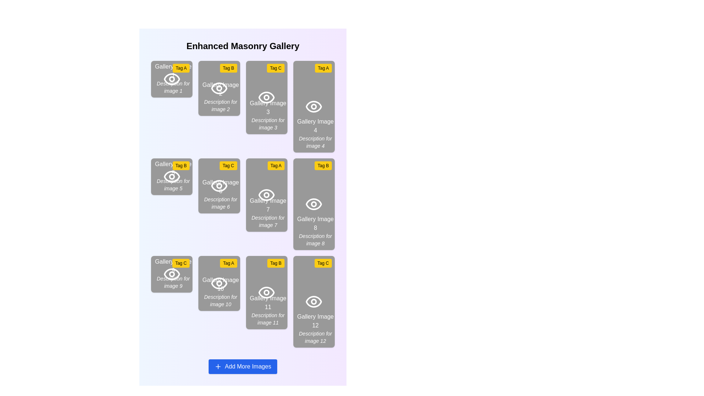 This screenshot has width=704, height=396. I want to click on the descriptive Text element located in the description section of the gallery card for 'Gallery Image 5', positioned beneath its title, so click(173, 184).